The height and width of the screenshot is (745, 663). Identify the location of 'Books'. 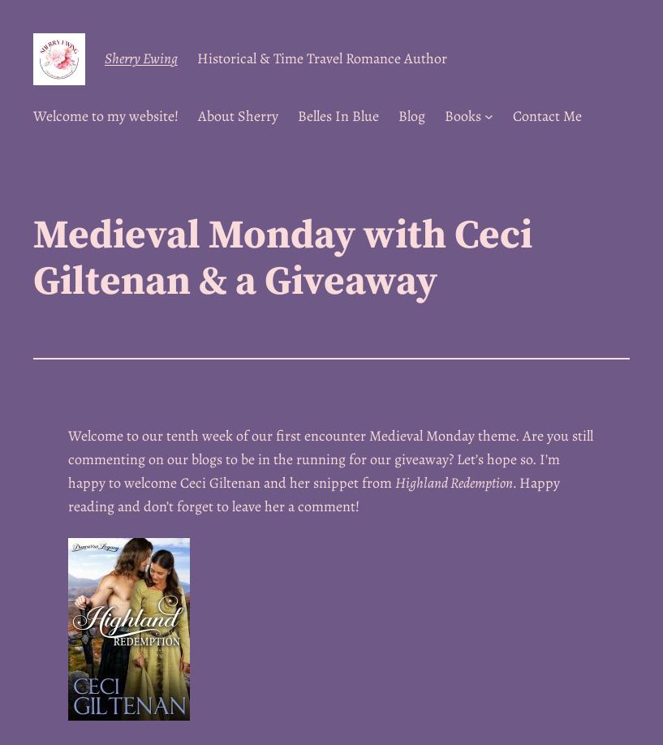
(461, 114).